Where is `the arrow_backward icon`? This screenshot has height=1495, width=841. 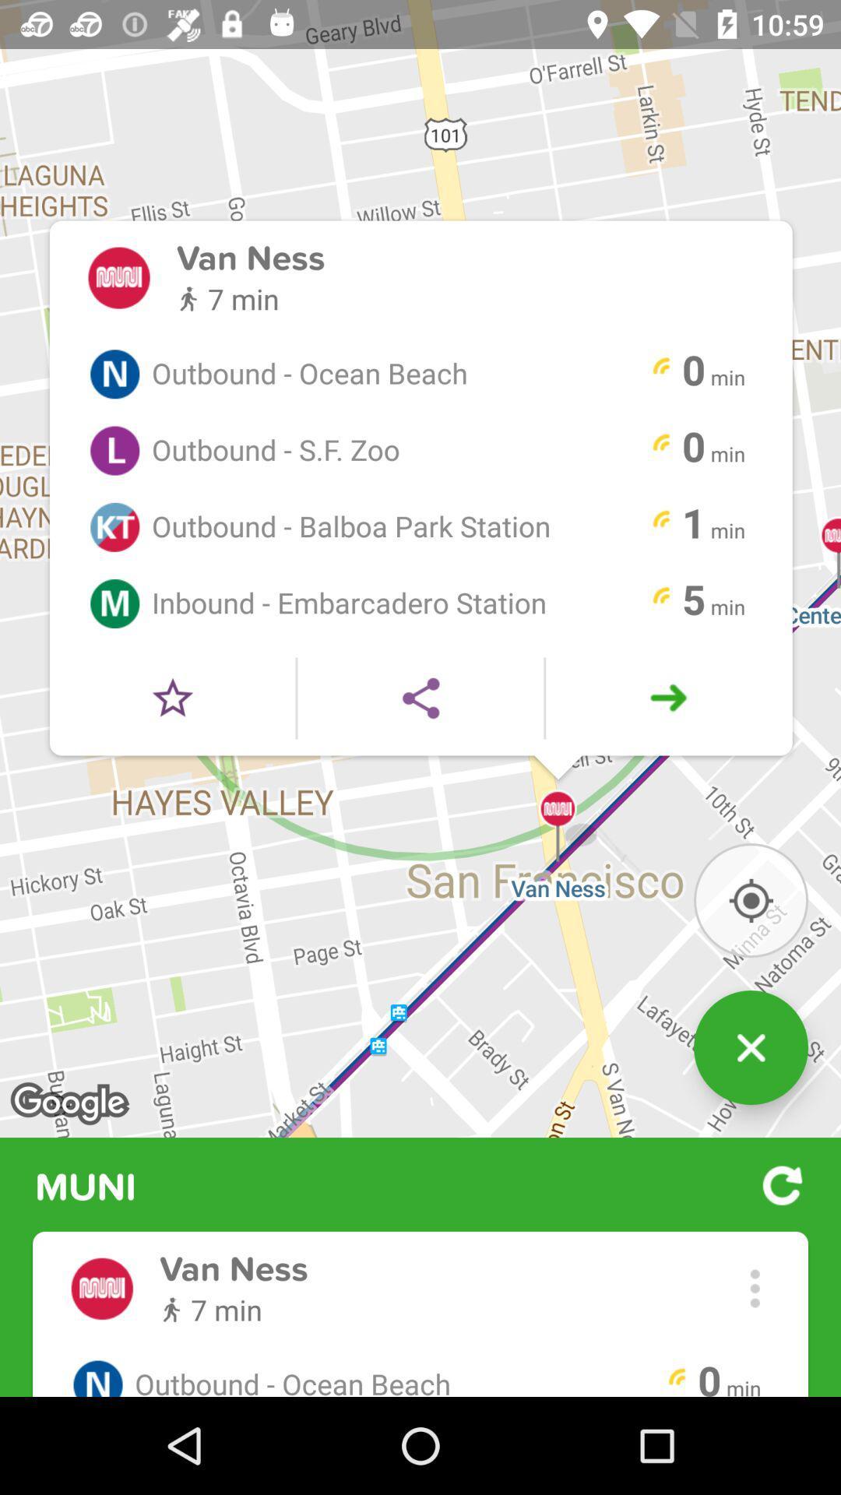
the arrow_backward icon is located at coordinates (420, 747).